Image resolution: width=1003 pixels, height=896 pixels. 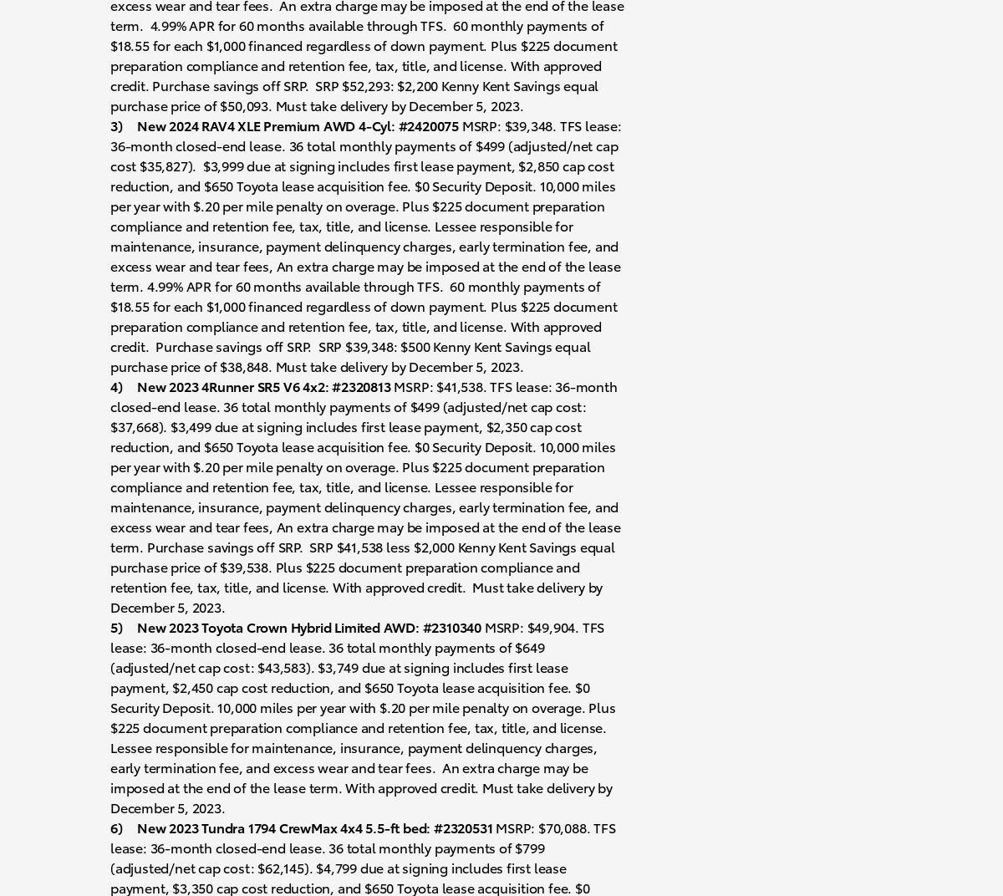 I want to click on 'MSRP: $41,538. TFS lease: 36-month closed-end lease. 36 total monthly payments of $499 (adjusted/net cap cost: $37,668). $3,499 due at signing includes first lease payment, $2,350 cap cost reduction, and $650 Toyota lease acquisition fee. $0 Security Deposit. 10,000 miles per year with $.20 per mile penalty on overage. Plus $225 document preparation compliance and retention fee, tax, title, and license. Lessee responsible for maintenance, insurance, payment delinquency charges, early termination fee, and excess wear and tear fees, An extra charge may be imposed at the end of the lease term. Purchase savings off SRP.  SRP $41,538 less $2,000 Kenny Kent Savings equal purchase price of $39,538. Plus $225 document preparation compliance and retention fee, tax, title, and license. With approved credit.  Must take delivery by December 5, 2023.', so click(x=365, y=494).